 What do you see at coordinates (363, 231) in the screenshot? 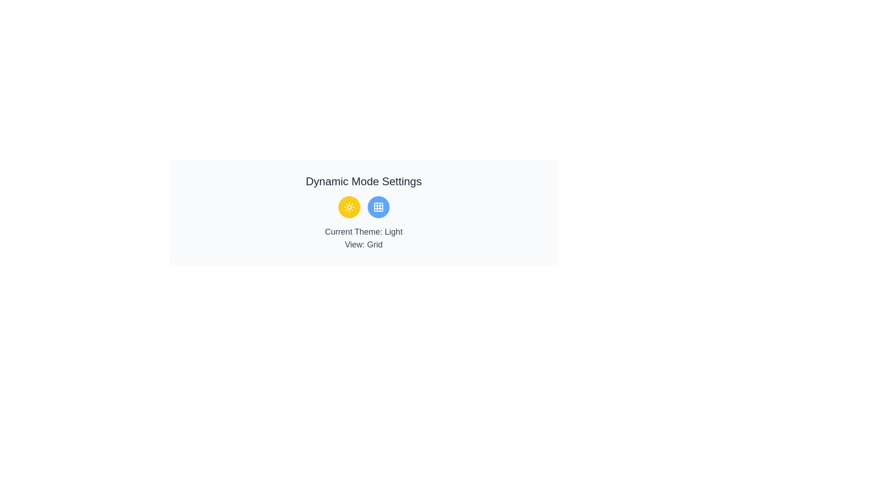
I see `the text label displaying 'Current Theme: Light', which is centrally aligned and located above the text line 'View: Grid'` at bounding box center [363, 231].